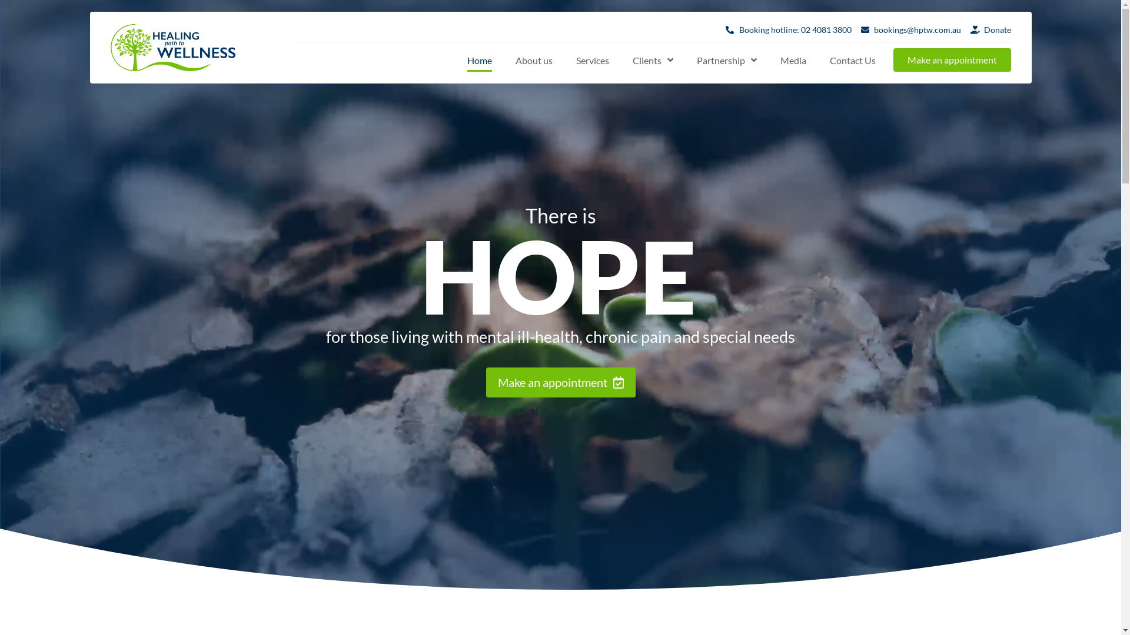 The image size is (1130, 635). What do you see at coordinates (788, 29) in the screenshot?
I see `'Booking hotline: 02 4081 3800'` at bounding box center [788, 29].